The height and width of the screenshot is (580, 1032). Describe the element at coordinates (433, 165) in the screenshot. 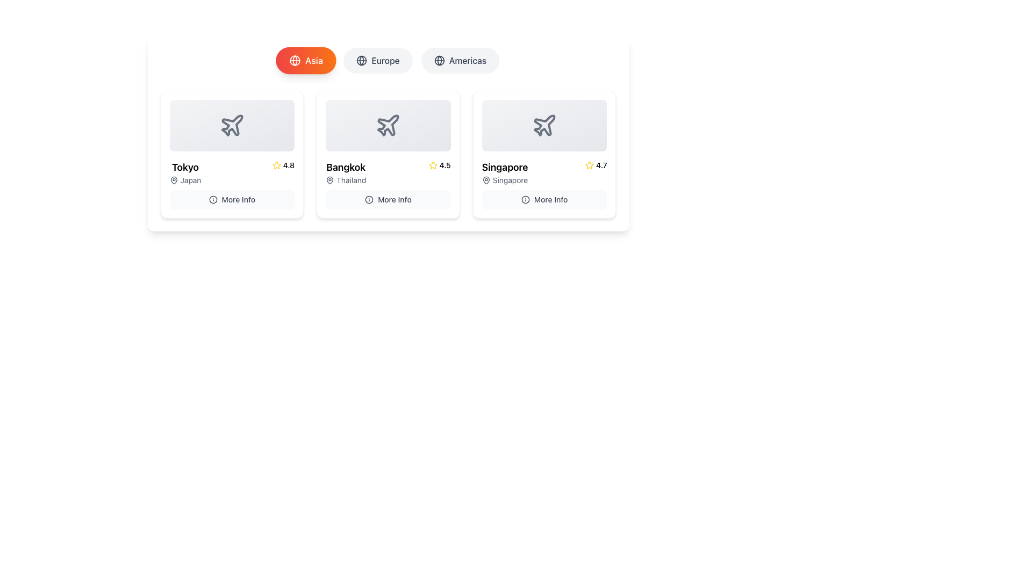

I see `the yellow star-shaped icon located in the rating section of the 'Bangkok' card, positioned to the left of the text '4.5'` at that location.